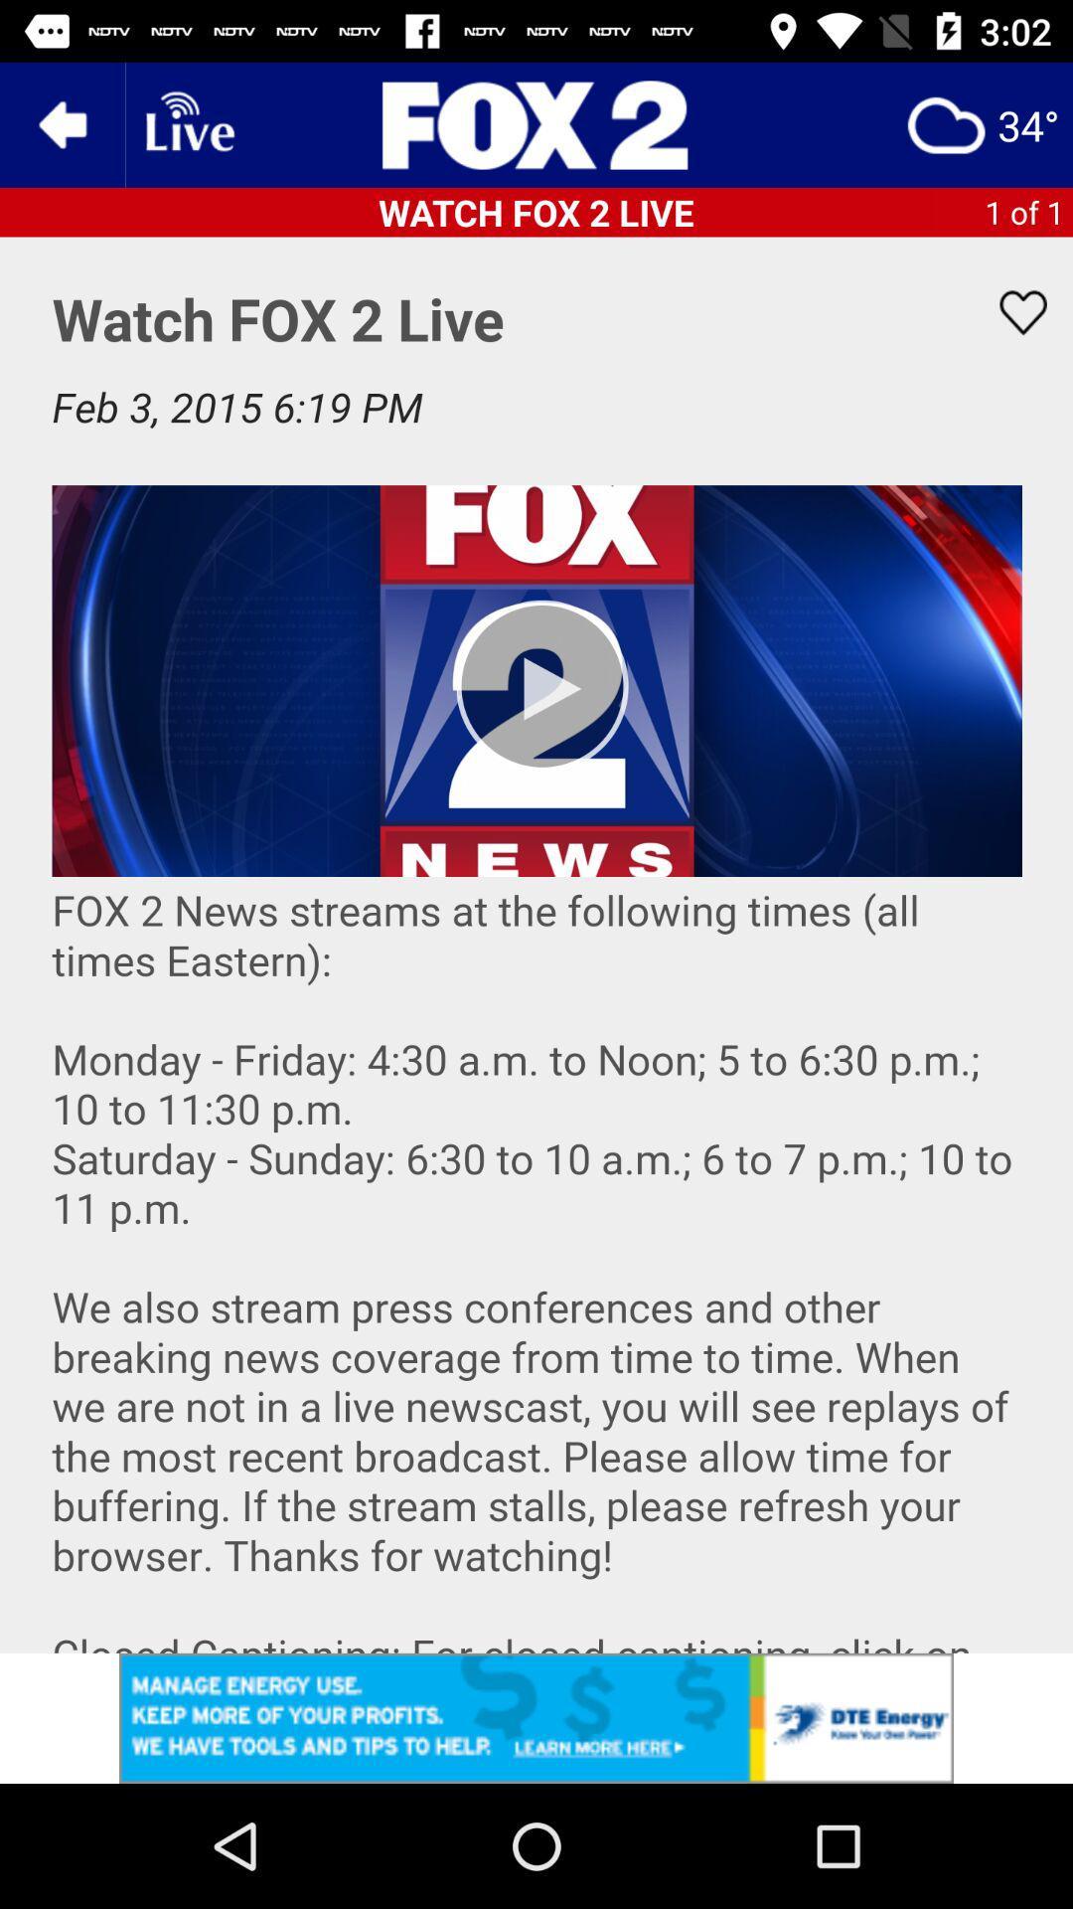  I want to click on live, so click(188, 123).